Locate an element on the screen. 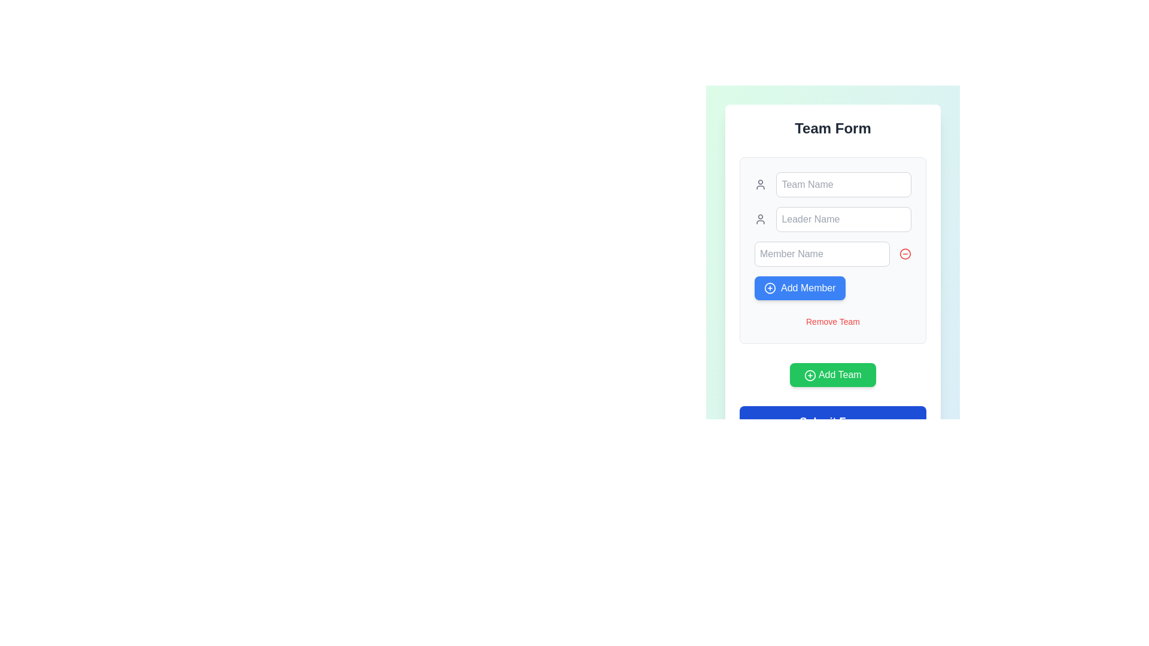 This screenshot has height=646, width=1149. the 'Leader Name' text input field is located at coordinates (843, 219).